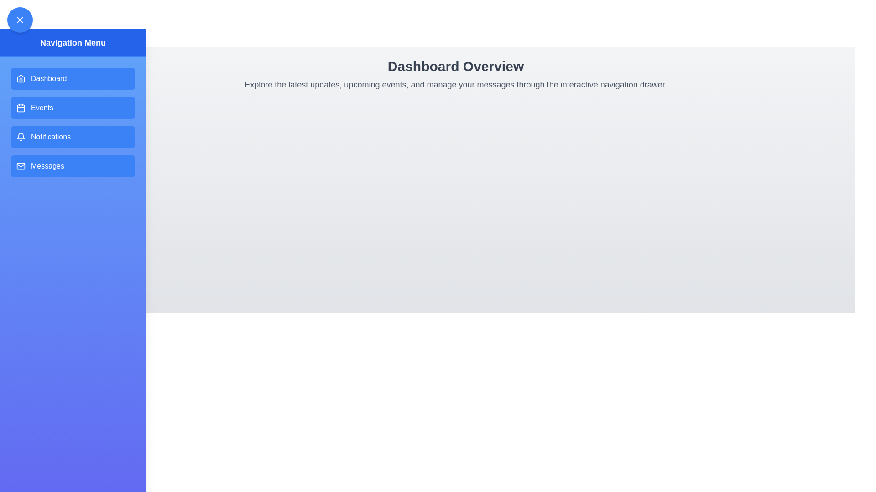 The image size is (876, 492). I want to click on the navigation menu item Dashboard, so click(72, 78).